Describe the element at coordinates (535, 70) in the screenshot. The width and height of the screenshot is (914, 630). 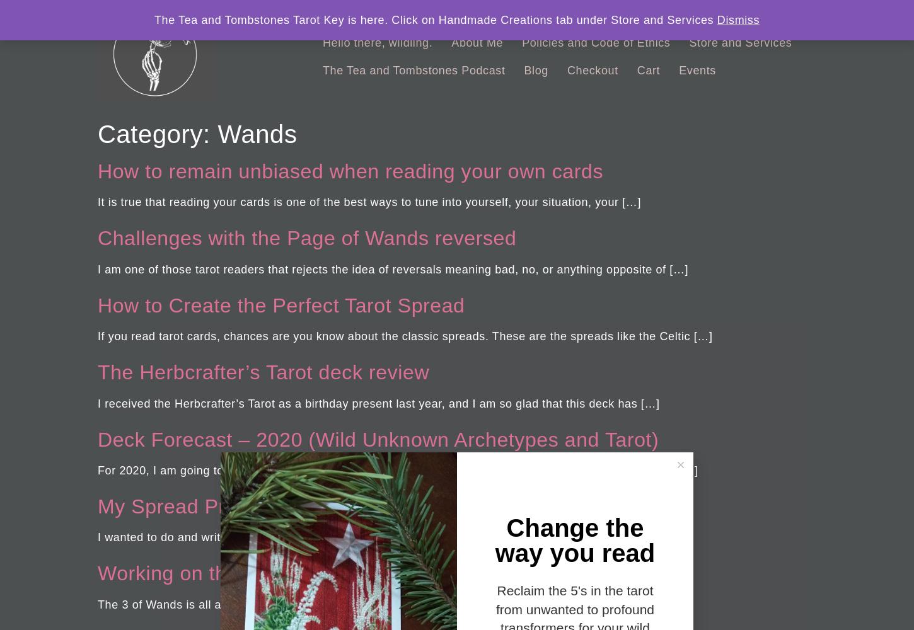
I see `'Blog'` at that location.